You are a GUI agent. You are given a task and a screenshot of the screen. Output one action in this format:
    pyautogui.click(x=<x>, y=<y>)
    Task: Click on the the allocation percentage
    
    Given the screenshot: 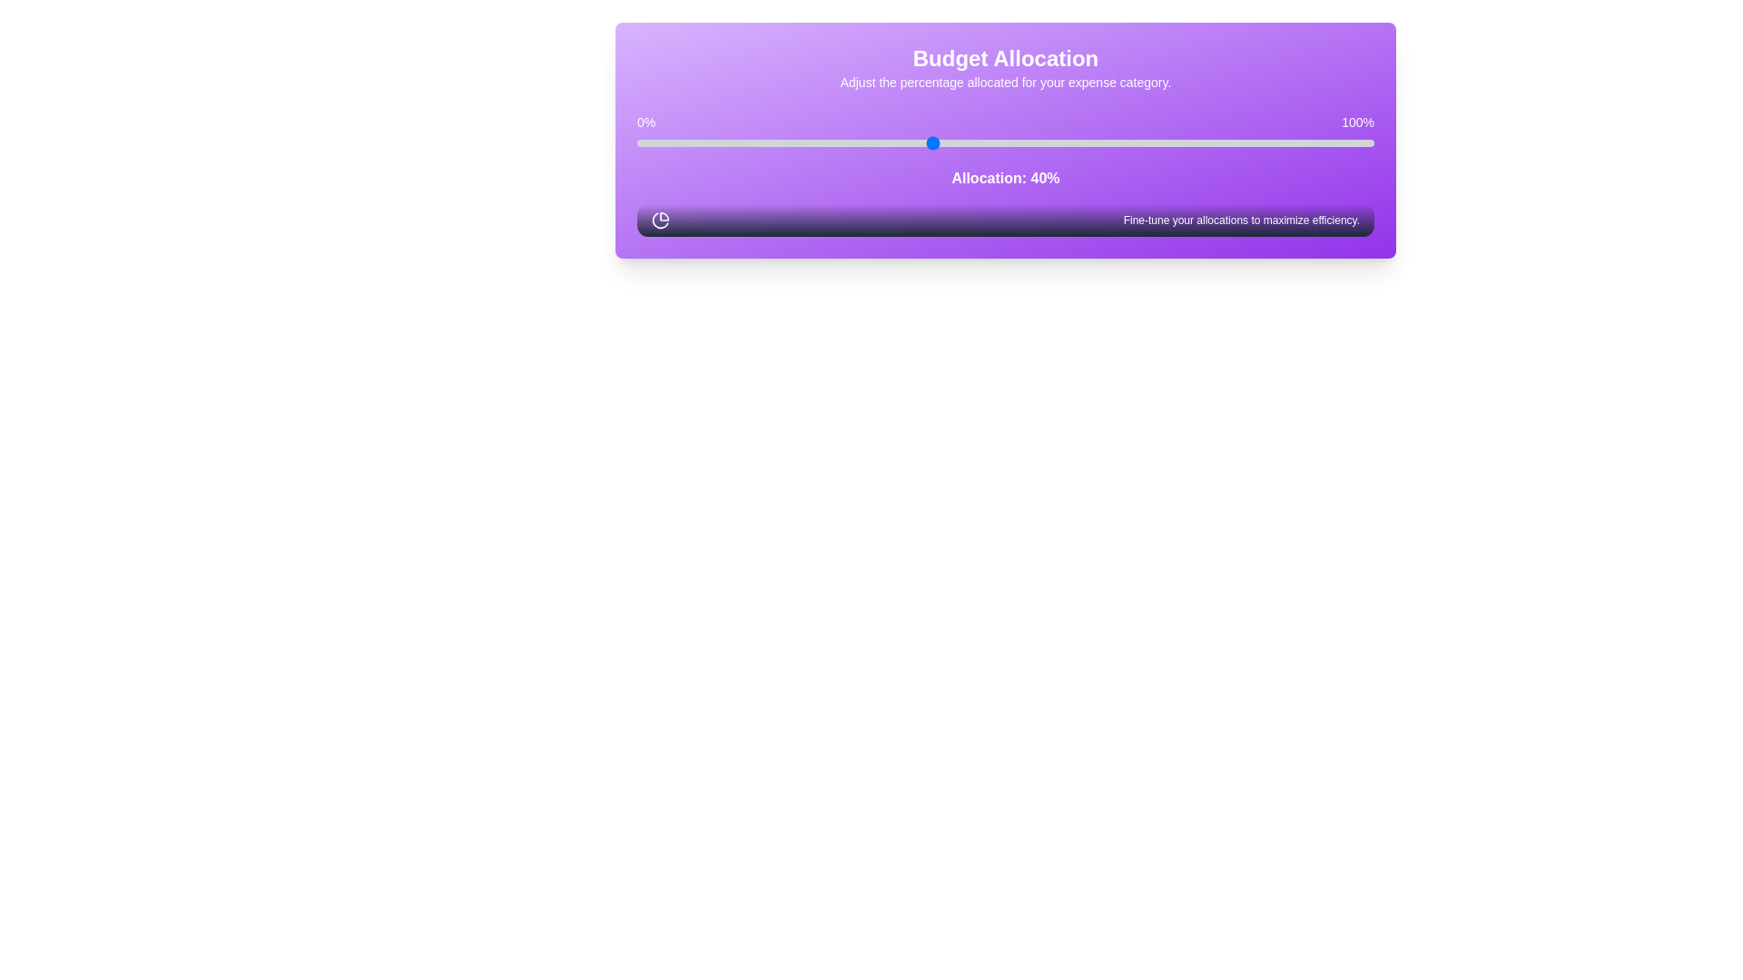 What is the action you would take?
    pyautogui.click(x=1366, y=142)
    